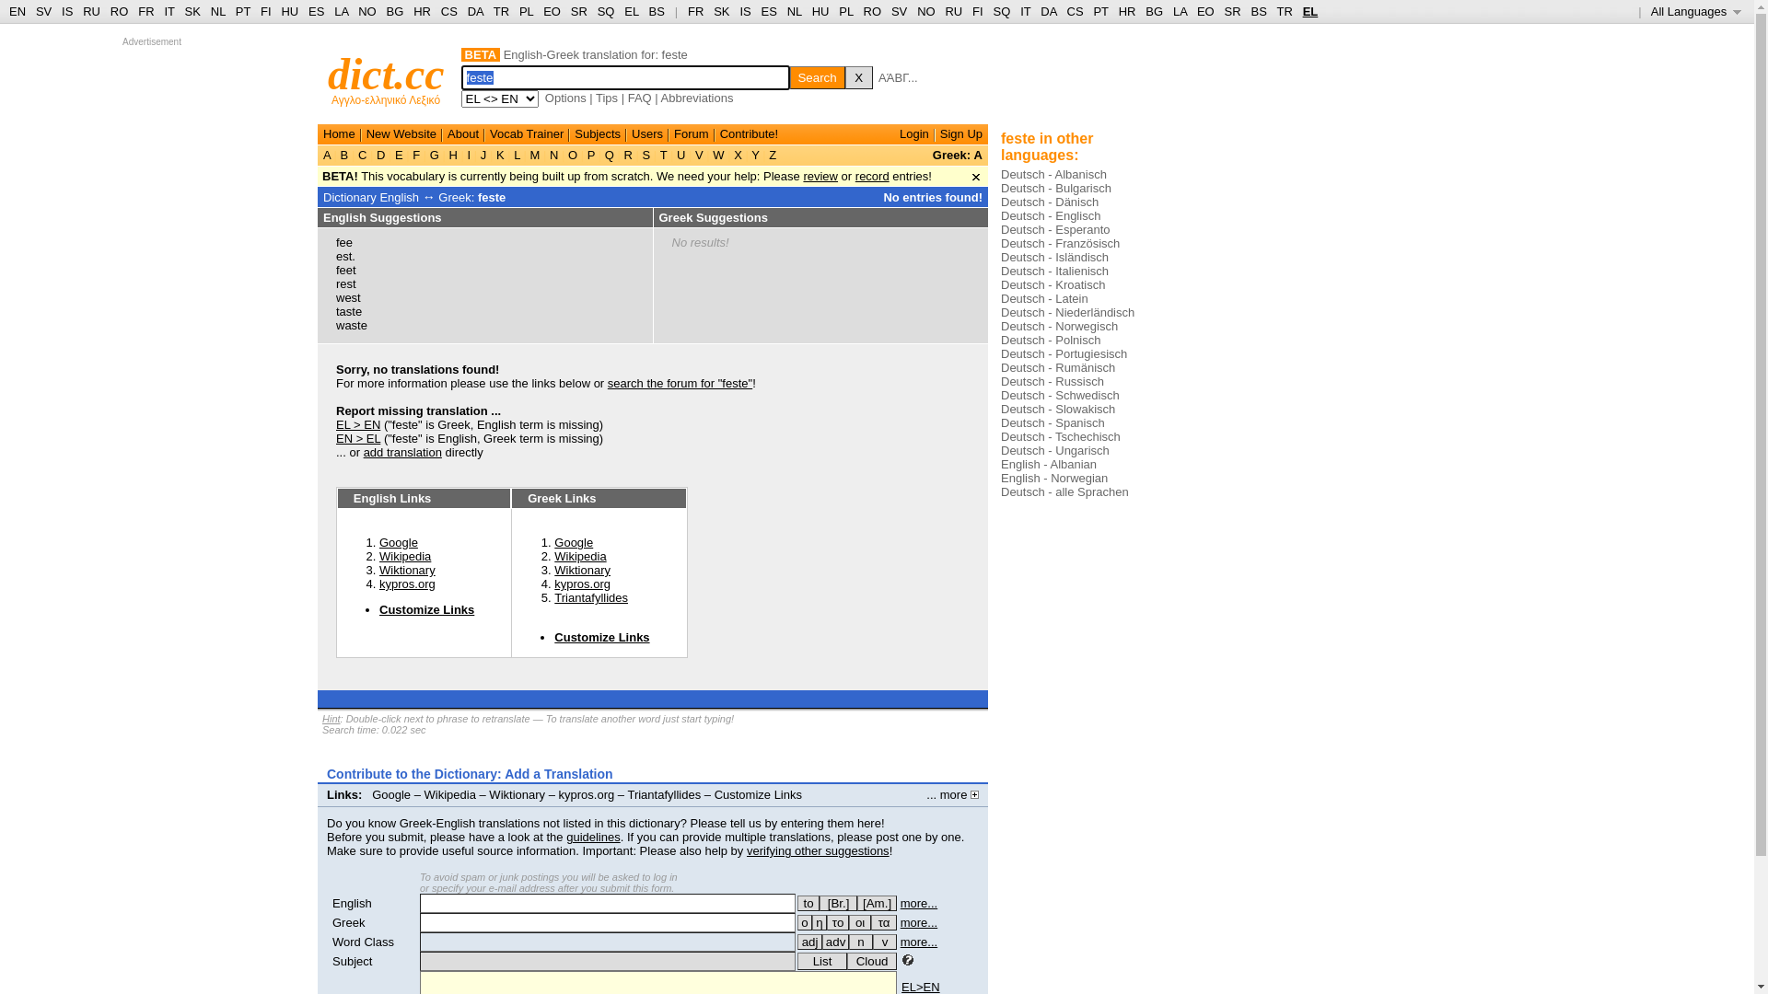 Image resolution: width=1768 pixels, height=994 pixels. Describe the element at coordinates (1052, 380) in the screenshot. I see `'Deutsch - Russisch'` at that location.